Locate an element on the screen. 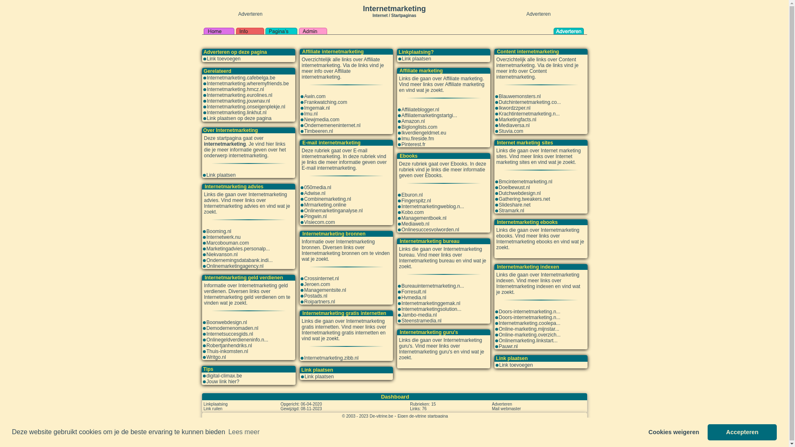 The height and width of the screenshot is (447, 795). 'Doors-internetmarketing.n...' is located at coordinates (529, 311).